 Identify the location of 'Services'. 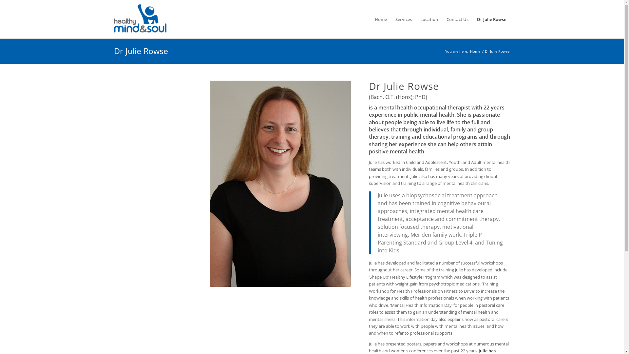
(403, 19).